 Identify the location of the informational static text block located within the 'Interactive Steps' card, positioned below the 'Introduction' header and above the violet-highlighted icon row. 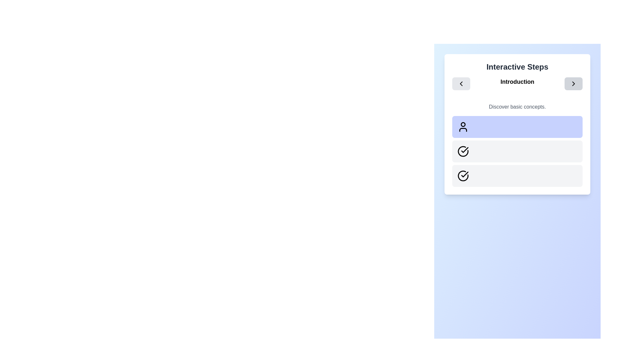
(517, 106).